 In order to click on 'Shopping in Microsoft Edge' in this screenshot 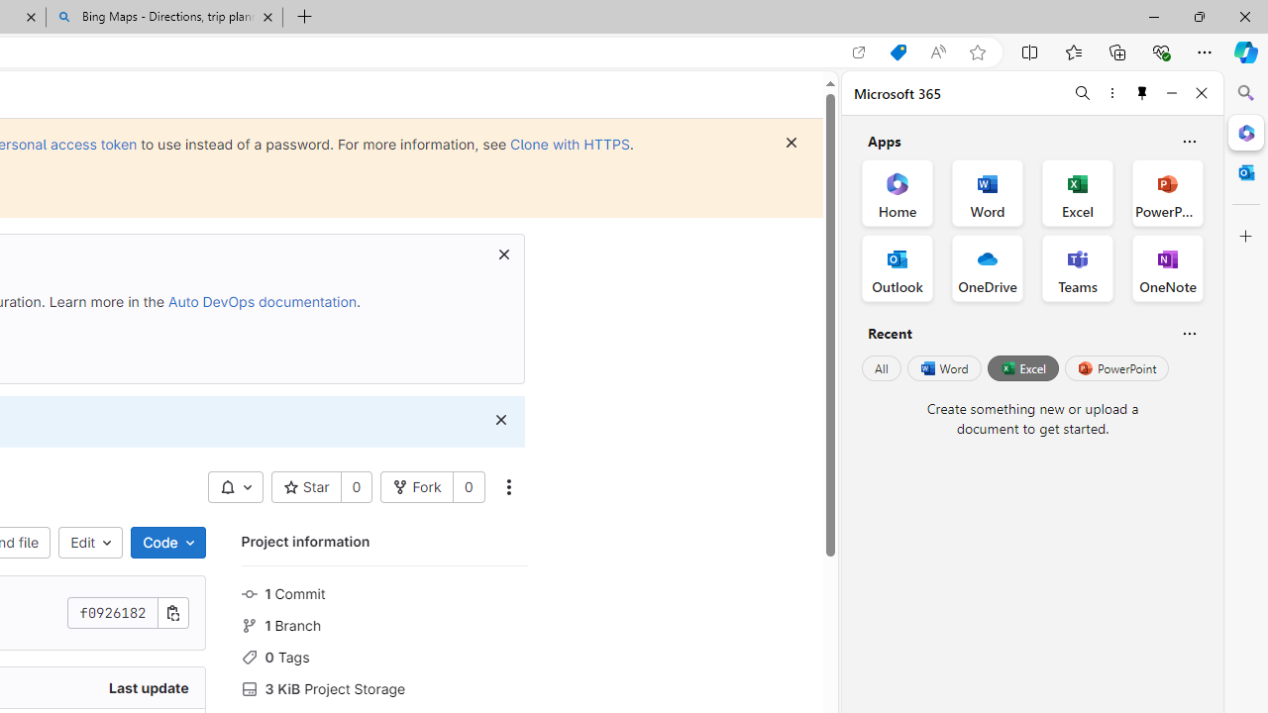, I will do `click(897, 51)`.